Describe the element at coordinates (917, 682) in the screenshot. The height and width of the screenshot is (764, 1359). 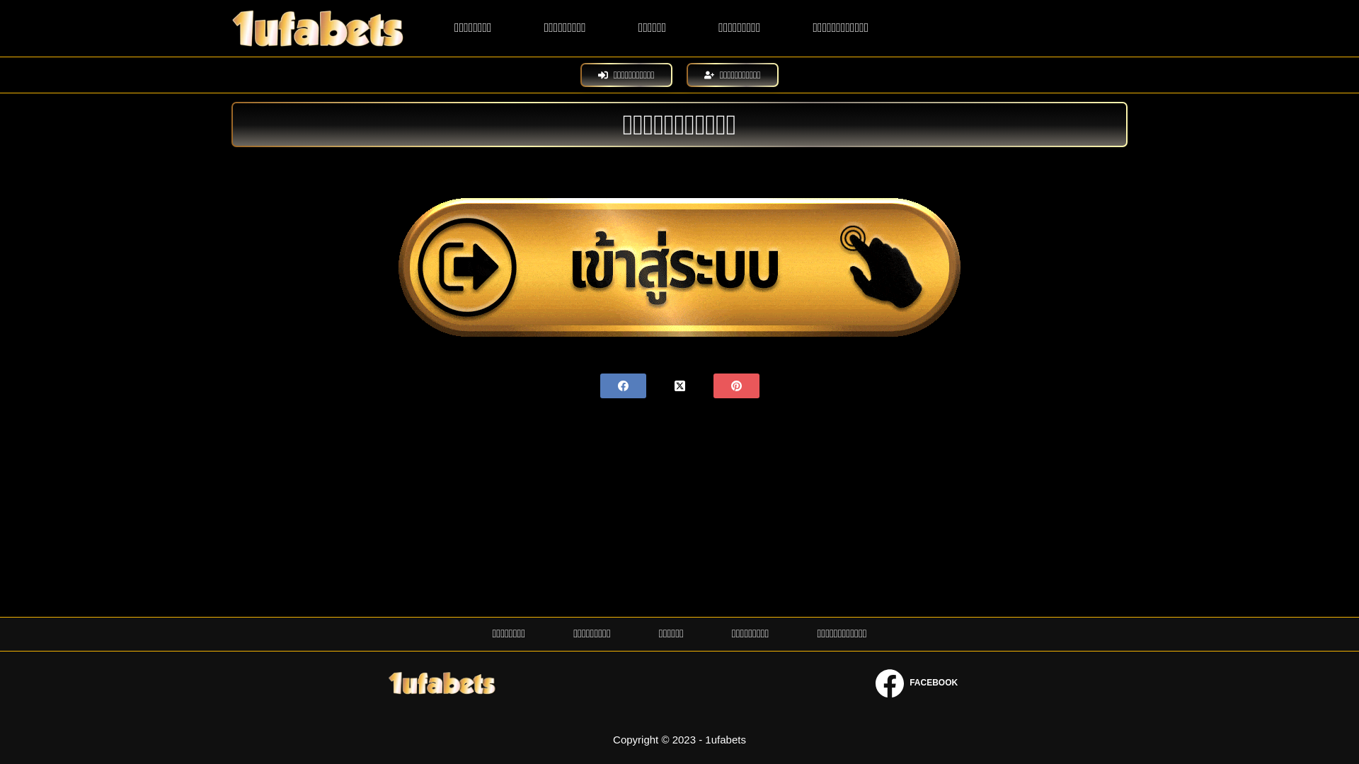
I see `'FACEBOOK'` at that location.